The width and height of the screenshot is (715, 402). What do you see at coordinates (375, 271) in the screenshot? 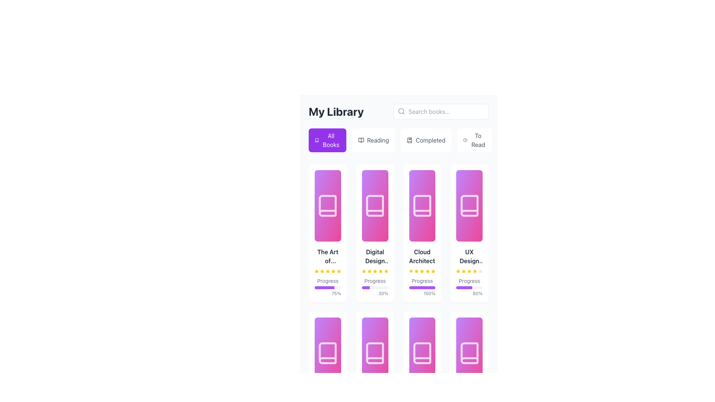
I see `the fourth yellow star icon used for rating, located beneath the title 'Digital Design' and above the text 'Progress'` at bounding box center [375, 271].